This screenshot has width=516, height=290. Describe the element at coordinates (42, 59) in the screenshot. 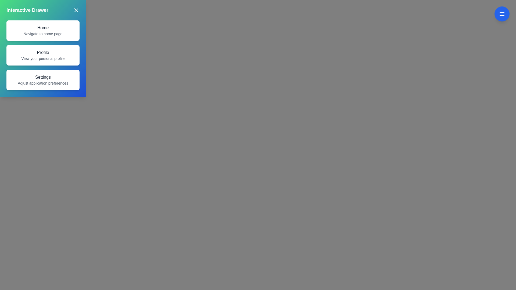

I see `the text label reading 'View your personal profile' which is styled in small gray font and located under the title 'Profile' in the left-side drawer` at that location.